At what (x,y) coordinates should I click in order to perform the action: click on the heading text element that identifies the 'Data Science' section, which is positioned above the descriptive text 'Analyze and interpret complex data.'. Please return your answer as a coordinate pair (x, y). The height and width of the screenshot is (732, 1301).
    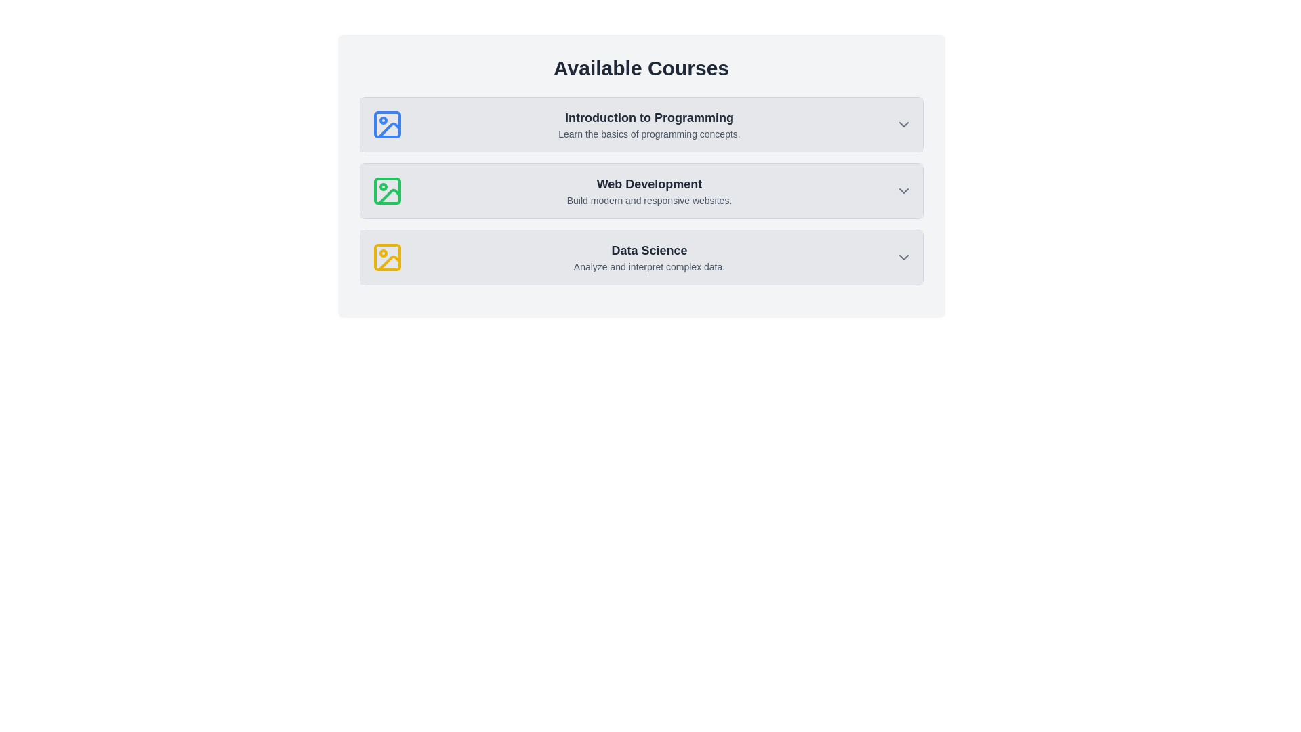
    Looking at the image, I should click on (648, 251).